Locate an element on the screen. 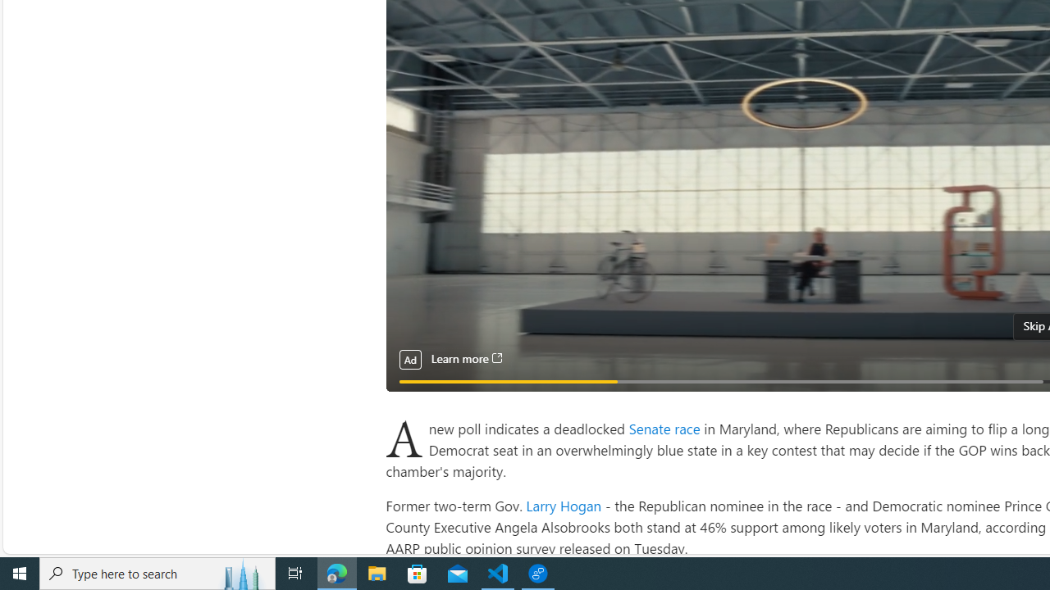 This screenshot has width=1050, height=590. 'Learn more' is located at coordinates (465, 358).